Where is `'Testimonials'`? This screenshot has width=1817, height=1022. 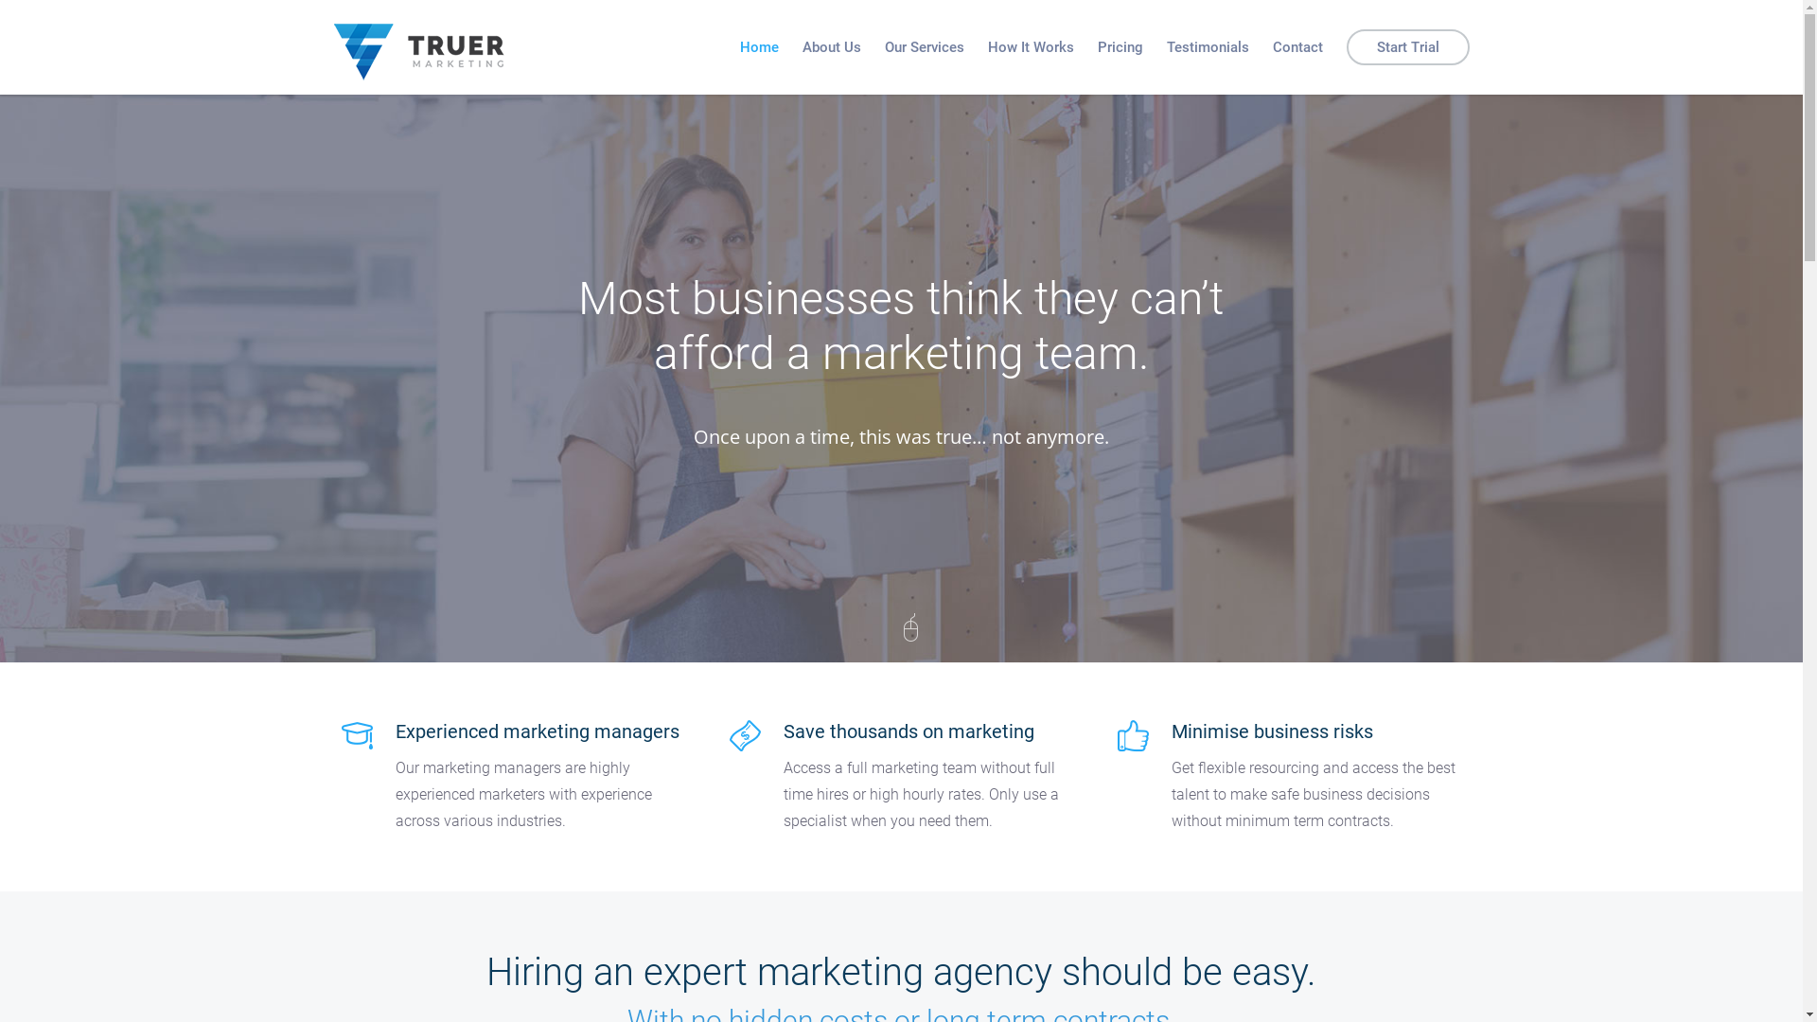
'Testimonials' is located at coordinates (1206, 46).